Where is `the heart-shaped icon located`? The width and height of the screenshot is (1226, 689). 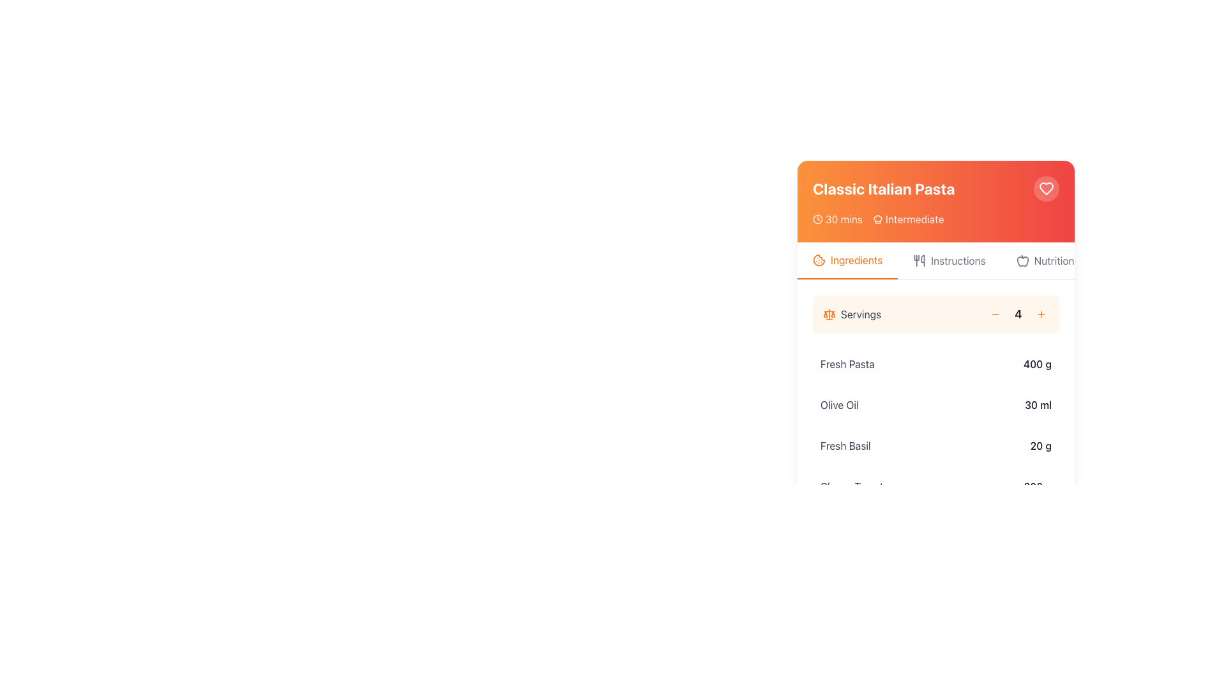
the heart-shaped icon located is located at coordinates (1046, 189).